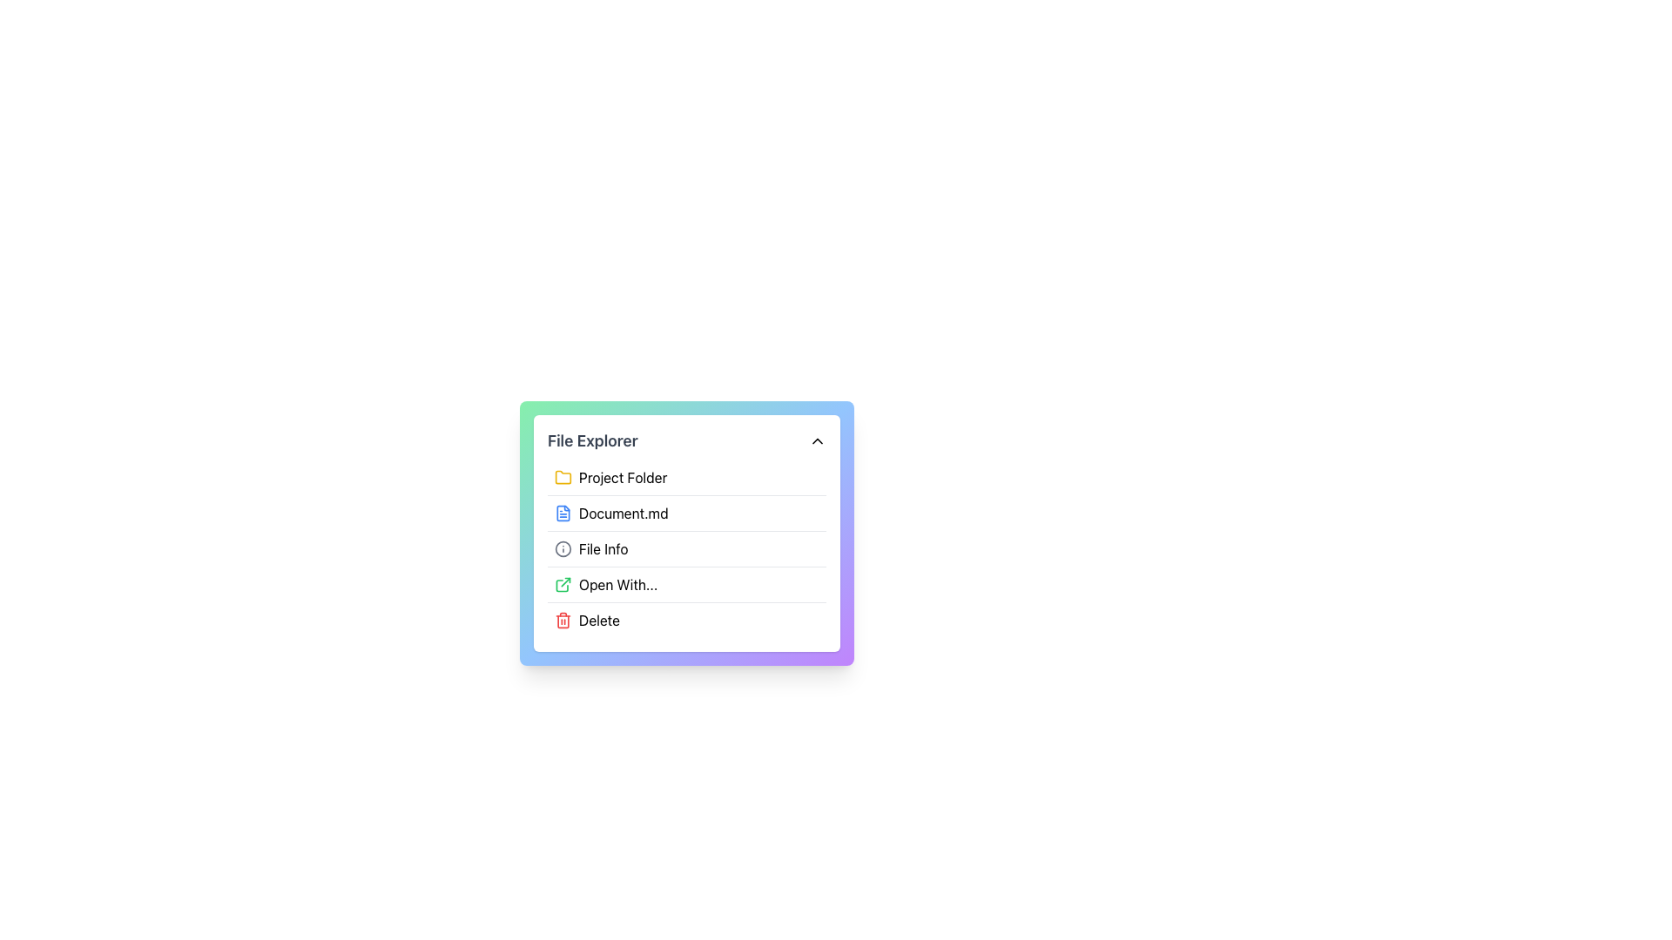 Image resolution: width=1672 pixels, height=940 pixels. Describe the element at coordinates (563, 476) in the screenshot. I see `the folder icon representing the 'Project Folder' option in the 'File Explorer' menu` at that location.